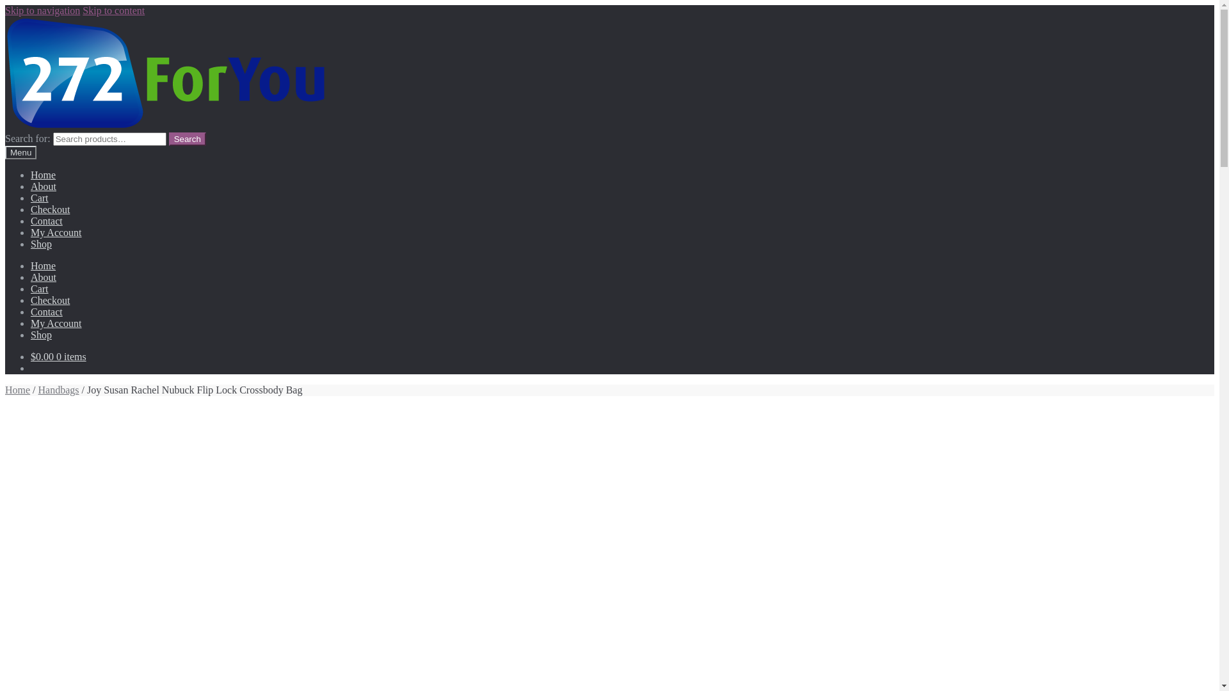 The image size is (1229, 691). I want to click on '$0.00 0 items', so click(58, 356).